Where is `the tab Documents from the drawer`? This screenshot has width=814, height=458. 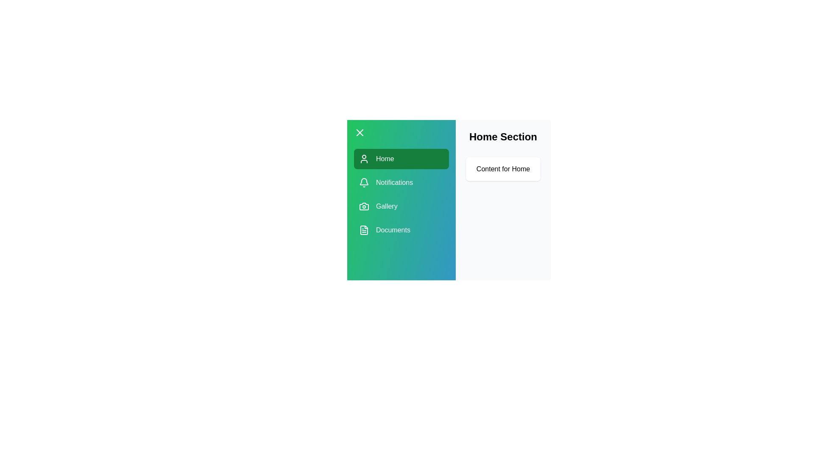 the tab Documents from the drawer is located at coordinates (401, 230).